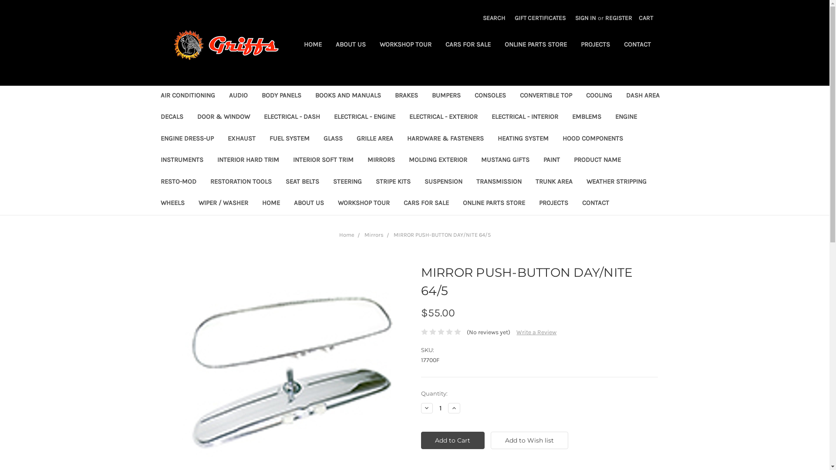 This screenshot has height=470, width=836. I want to click on 'HOOD COMPONENTS', so click(592, 139).